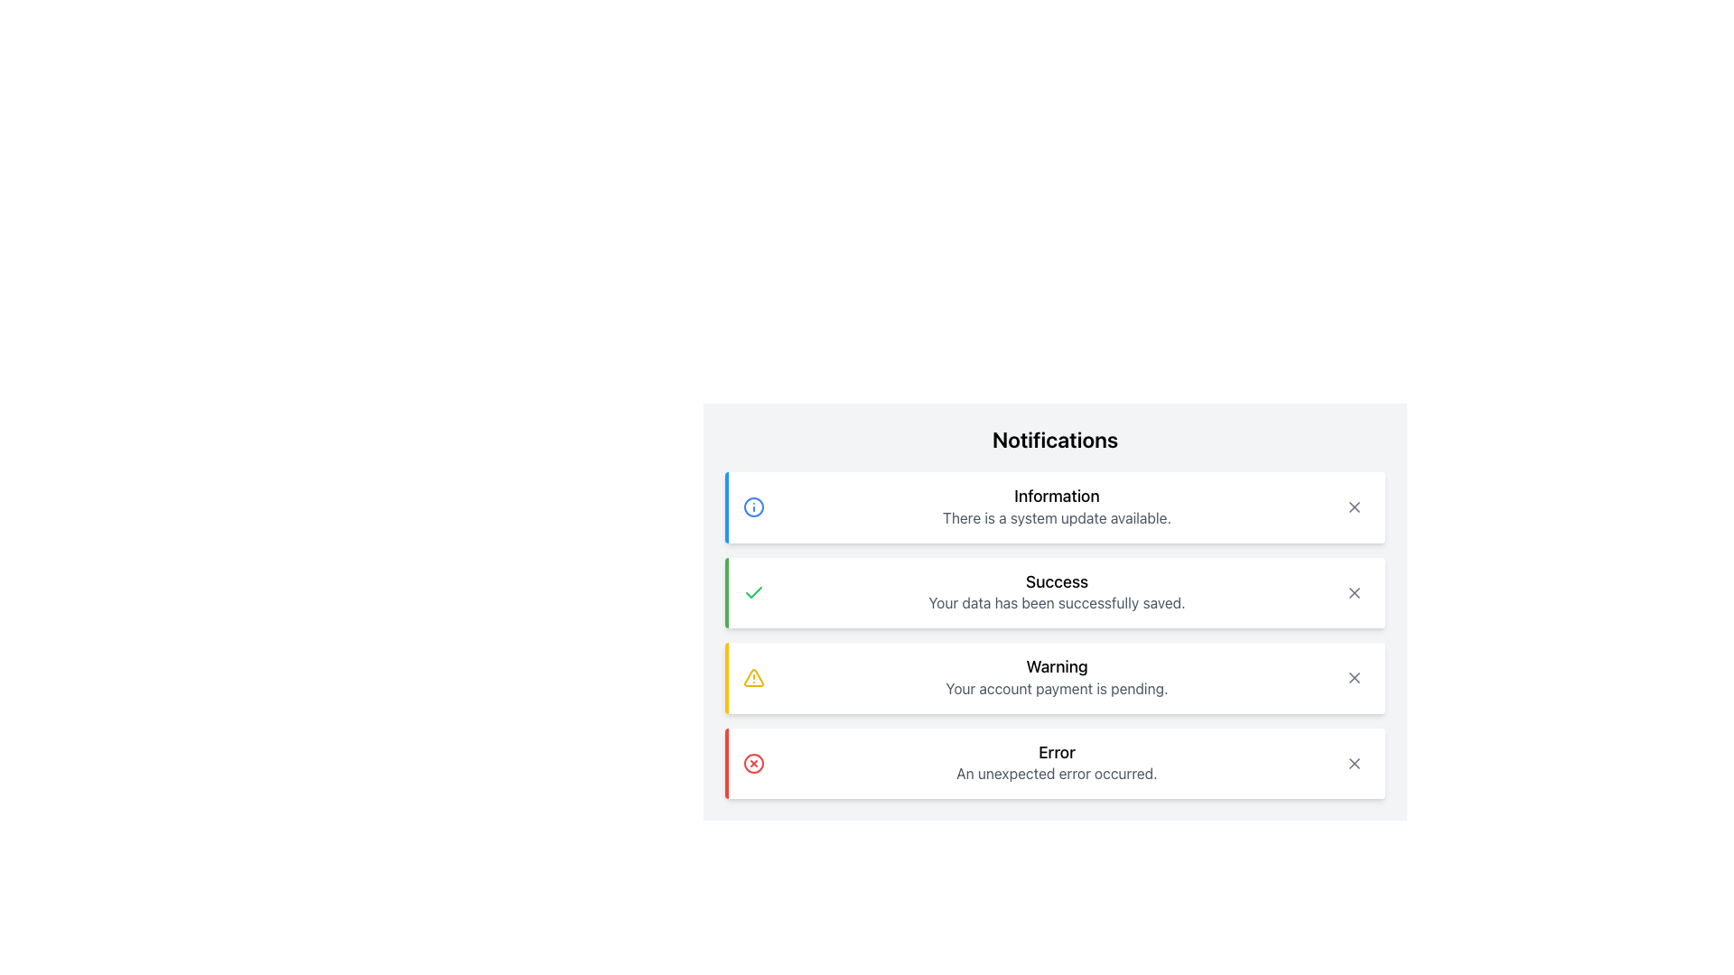 This screenshot has height=975, width=1734. I want to click on the text element that indicates 'Your account payment is pending.' located directly below the 'Warning' heading in the Notifications panel, so click(1057, 688).